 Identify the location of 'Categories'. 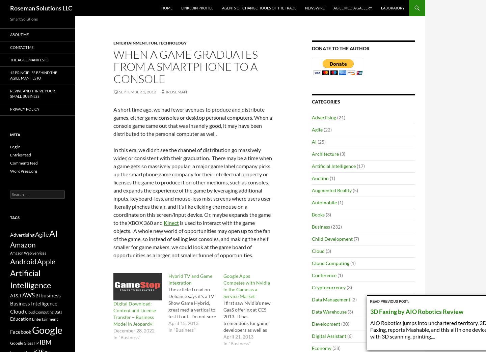
(325, 101).